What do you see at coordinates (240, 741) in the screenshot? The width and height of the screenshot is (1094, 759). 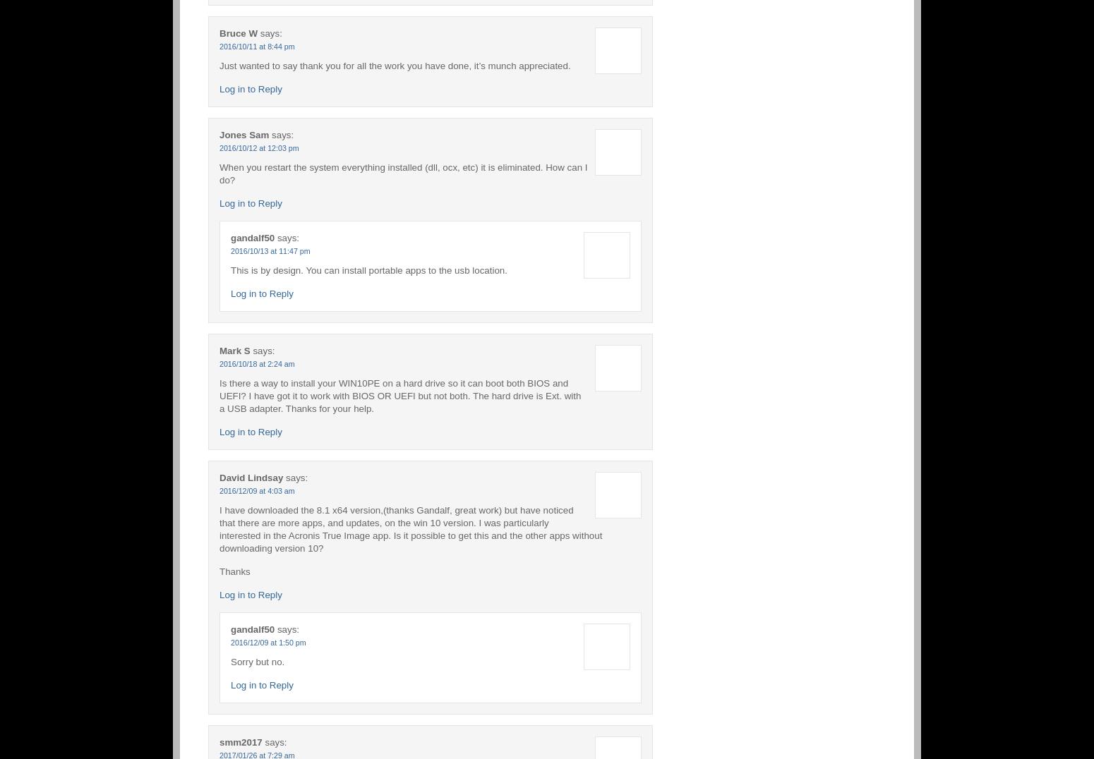 I see `'smm2017'` at bounding box center [240, 741].